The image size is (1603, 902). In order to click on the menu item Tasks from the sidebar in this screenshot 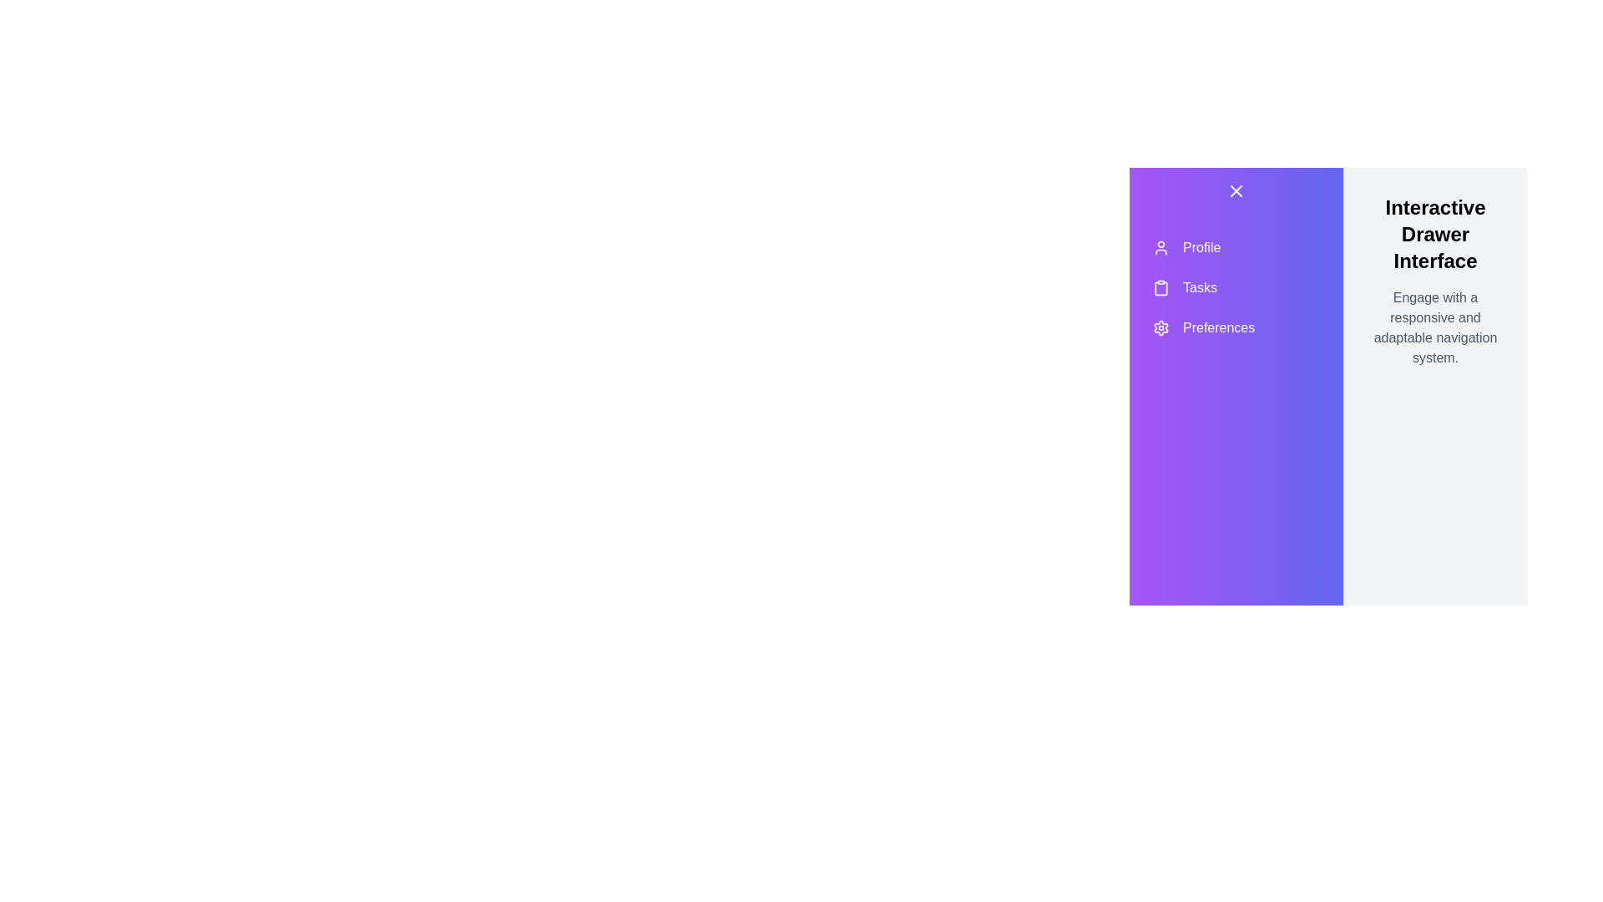, I will do `click(1236, 286)`.